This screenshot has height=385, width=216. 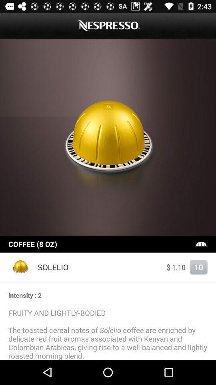 What do you see at coordinates (176, 267) in the screenshot?
I see `the icon below coffee (8 oz) icon` at bounding box center [176, 267].